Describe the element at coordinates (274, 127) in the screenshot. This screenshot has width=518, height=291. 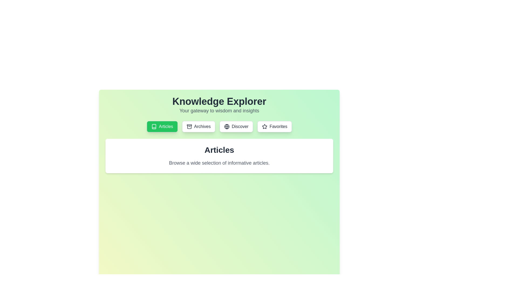
I see `the tab with label Favorites` at that location.